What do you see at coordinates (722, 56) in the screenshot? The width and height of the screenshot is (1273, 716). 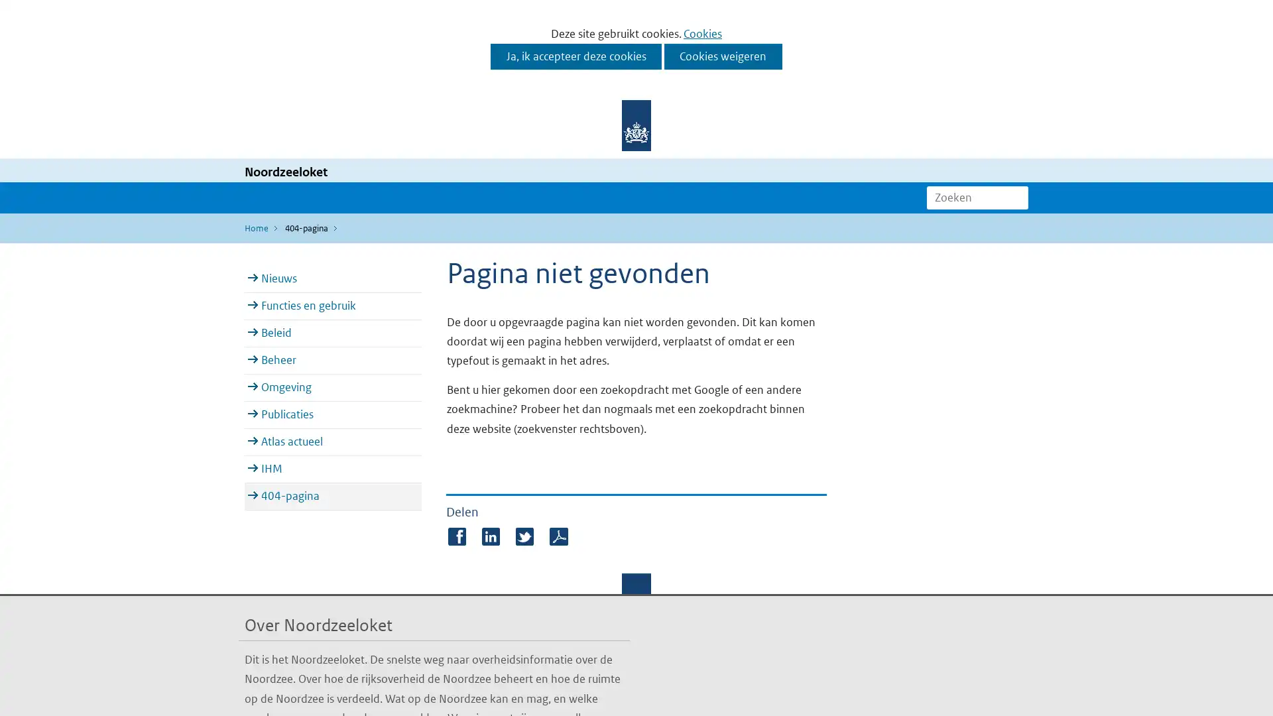 I see `Cookies weigeren` at bounding box center [722, 56].